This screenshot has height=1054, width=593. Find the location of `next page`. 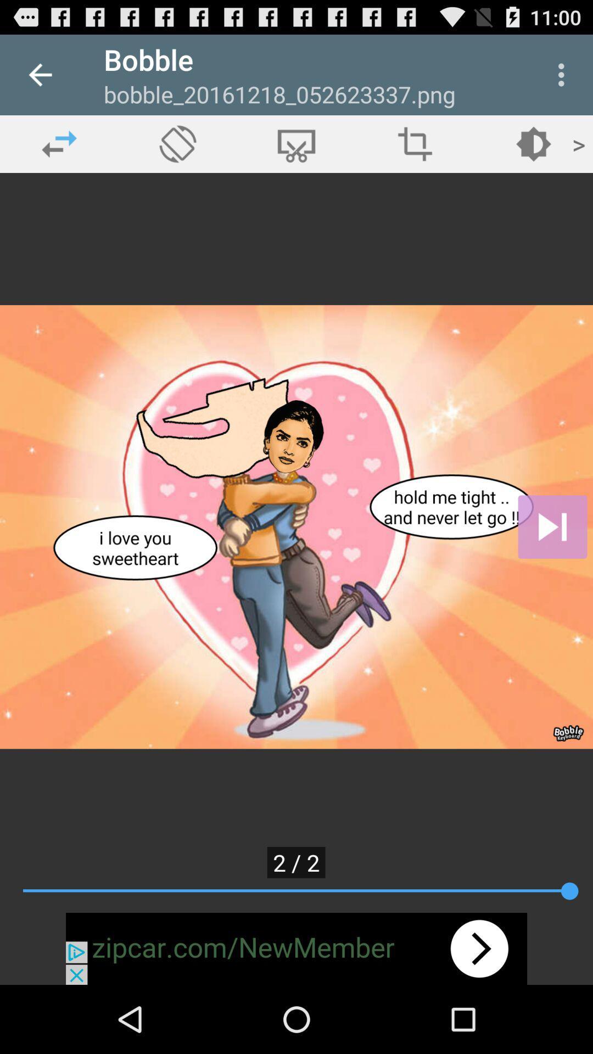

next page is located at coordinates (552, 527).